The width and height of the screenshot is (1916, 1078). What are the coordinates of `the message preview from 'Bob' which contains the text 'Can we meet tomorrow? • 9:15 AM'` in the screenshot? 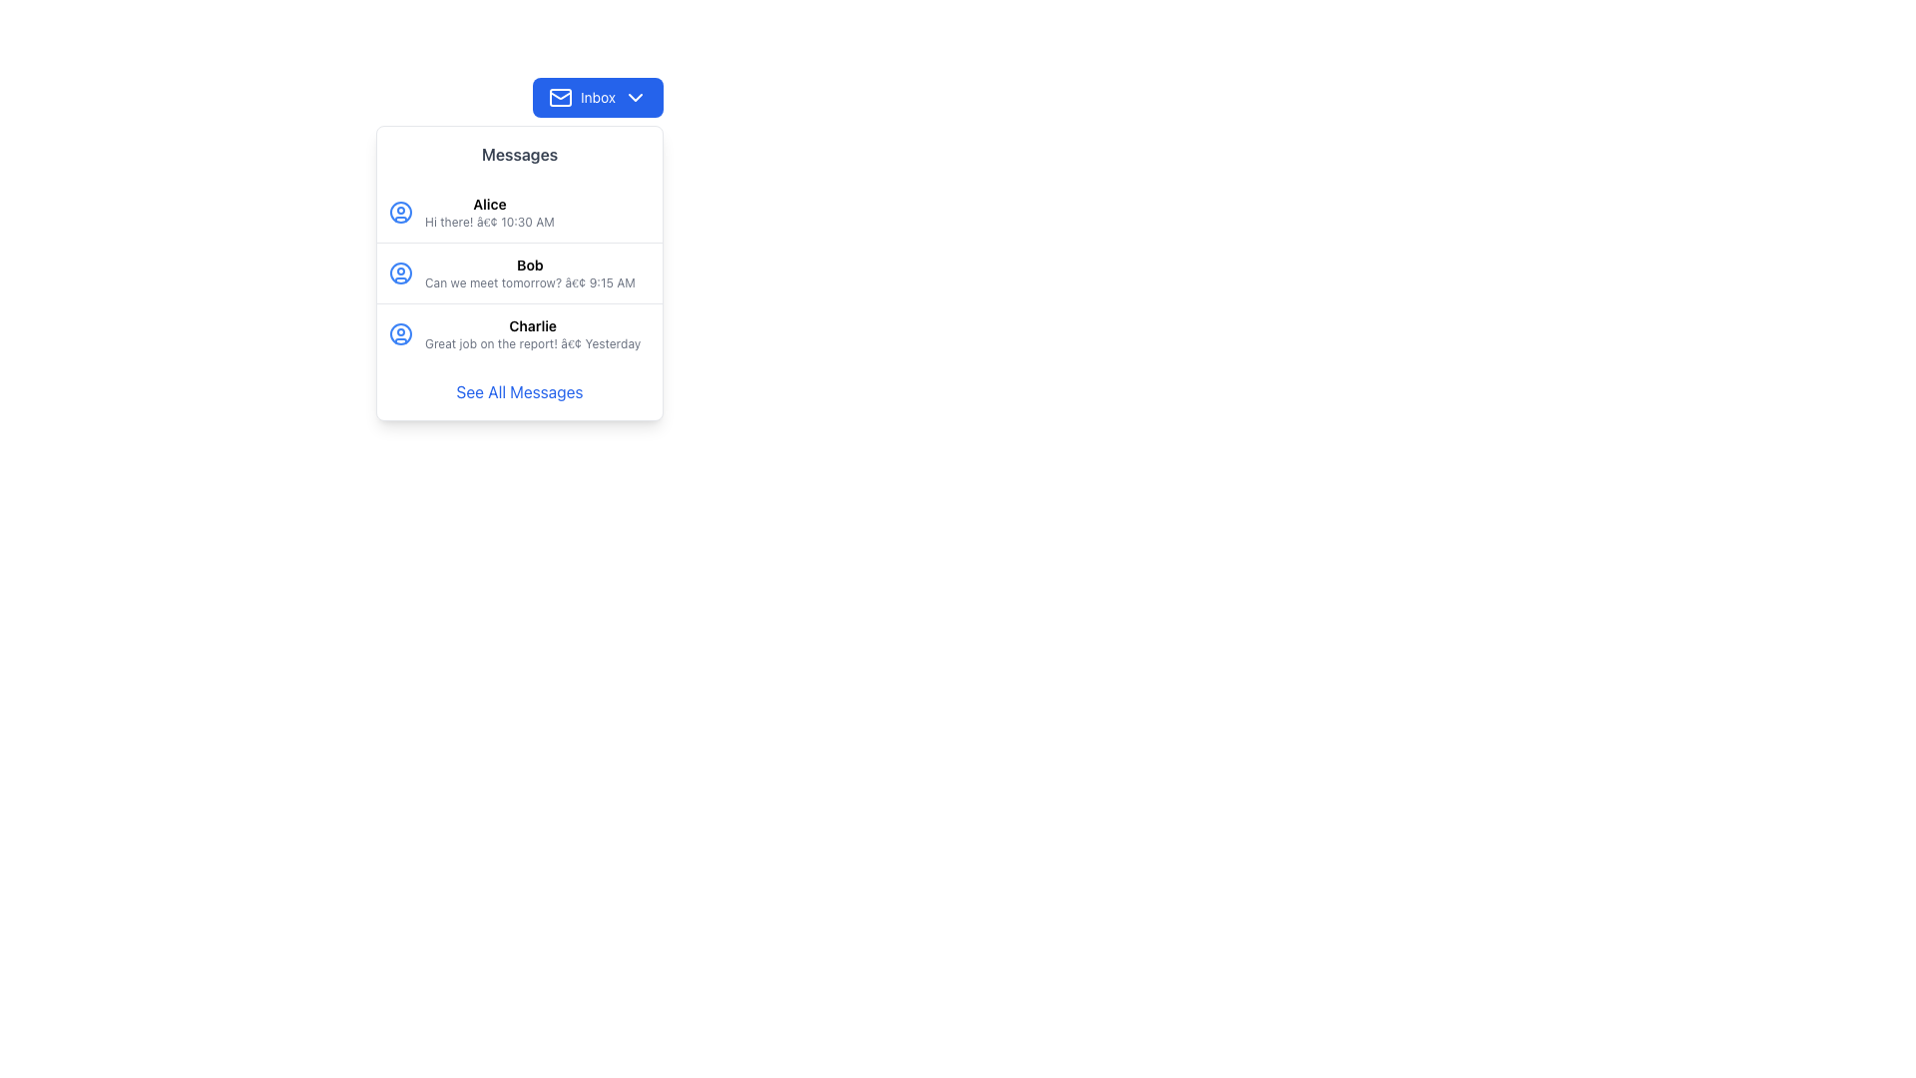 It's located at (520, 272).